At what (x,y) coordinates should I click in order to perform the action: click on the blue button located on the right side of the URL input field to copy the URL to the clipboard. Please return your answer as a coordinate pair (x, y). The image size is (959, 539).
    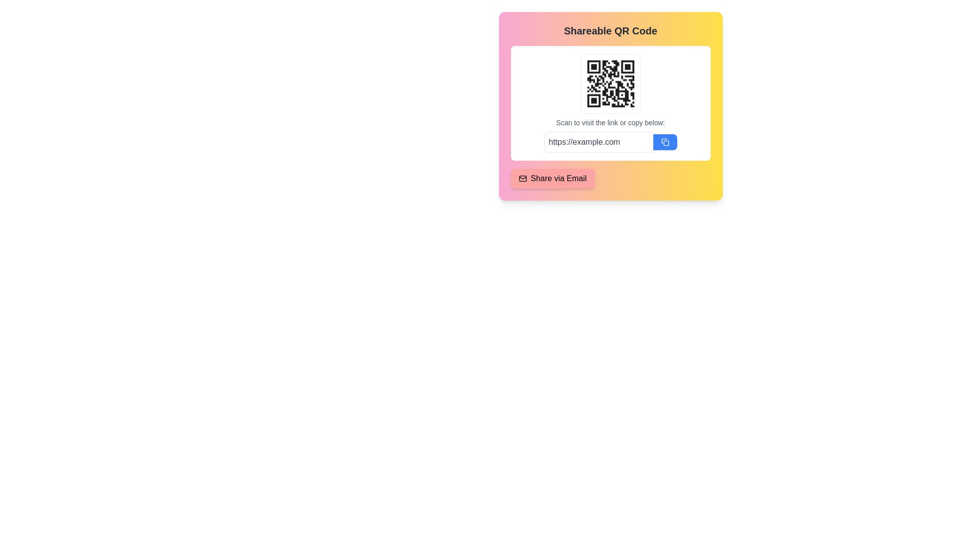
    Looking at the image, I should click on (665, 142).